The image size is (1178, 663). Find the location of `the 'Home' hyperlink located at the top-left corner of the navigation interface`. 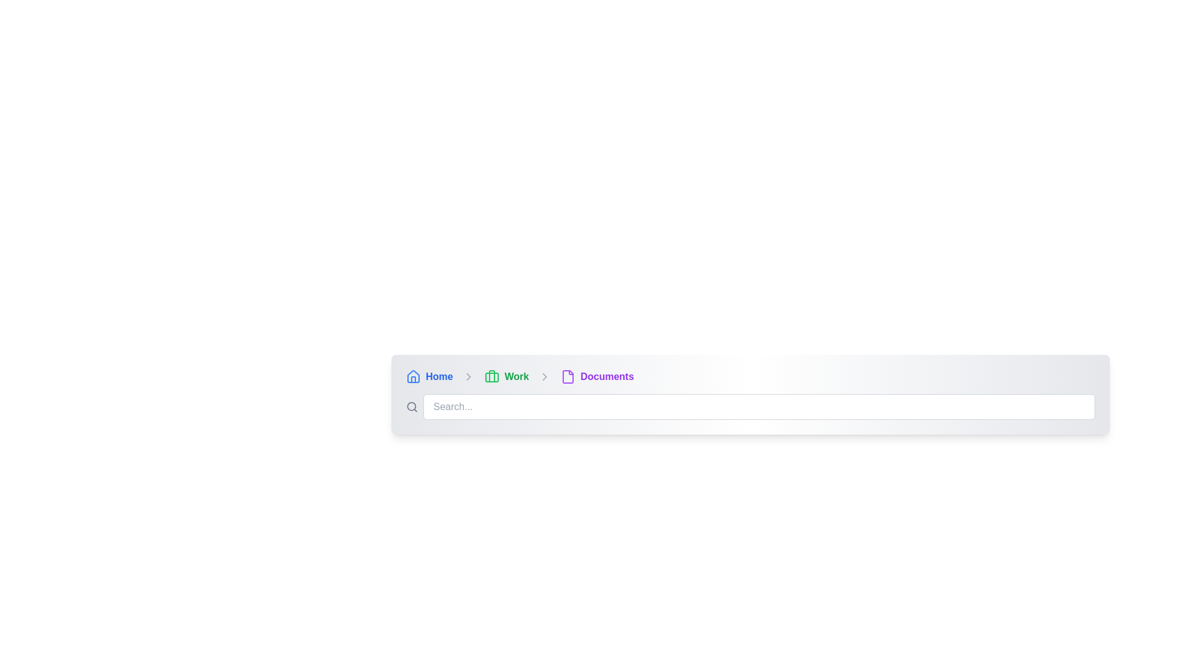

the 'Home' hyperlink located at the top-left corner of the navigation interface is located at coordinates (439, 376).